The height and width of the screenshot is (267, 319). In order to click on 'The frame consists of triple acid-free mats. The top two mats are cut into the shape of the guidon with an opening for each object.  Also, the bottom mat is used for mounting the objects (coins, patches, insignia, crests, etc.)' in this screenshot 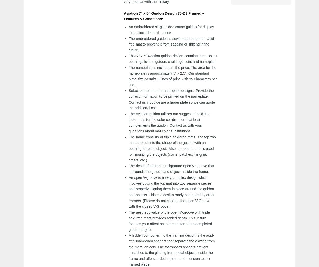, I will do `click(172, 148)`.